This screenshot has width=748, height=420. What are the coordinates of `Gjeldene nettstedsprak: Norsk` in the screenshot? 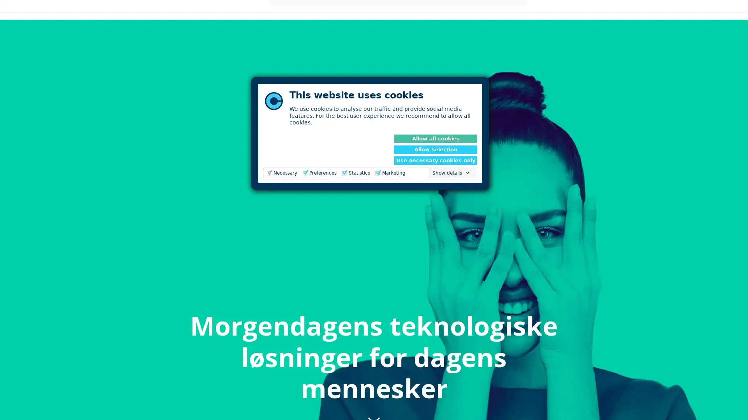 It's located at (597, 15).